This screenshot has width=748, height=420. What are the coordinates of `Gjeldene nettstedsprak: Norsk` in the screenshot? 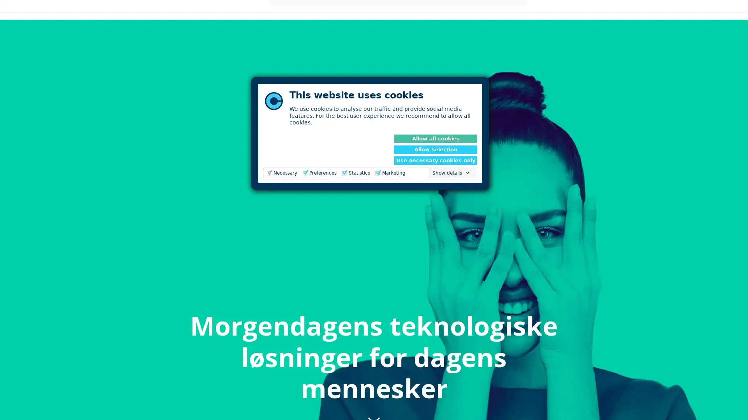 It's located at (597, 15).